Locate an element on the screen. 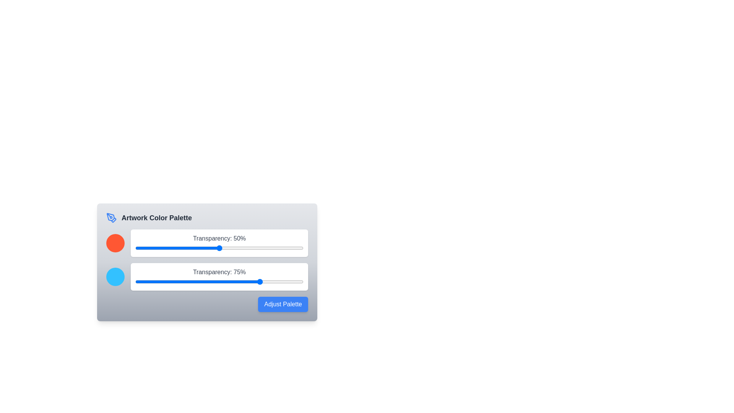 This screenshot has height=413, width=734. the transparency slider for color 1 to 30% is located at coordinates (185, 248).